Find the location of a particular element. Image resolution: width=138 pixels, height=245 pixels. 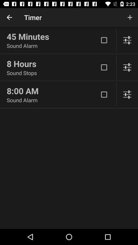

icon to the right of the timer icon is located at coordinates (130, 17).